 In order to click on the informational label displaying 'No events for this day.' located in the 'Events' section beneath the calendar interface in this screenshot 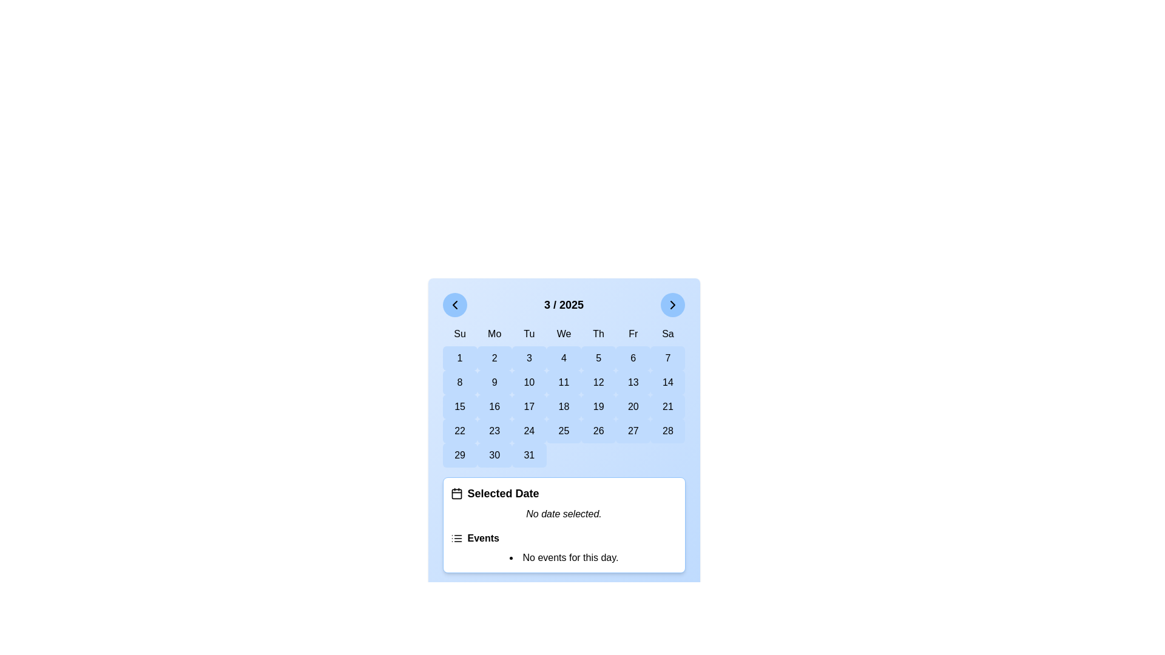, I will do `click(563, 558)`.